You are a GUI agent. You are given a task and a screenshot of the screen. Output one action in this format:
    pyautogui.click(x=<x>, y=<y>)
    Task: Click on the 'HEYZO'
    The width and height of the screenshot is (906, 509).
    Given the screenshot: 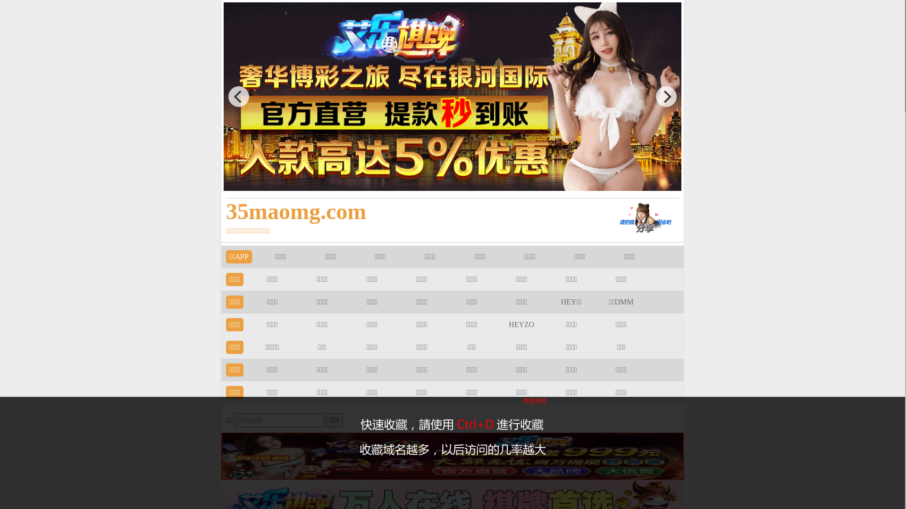 What is the action you would take?
    pyautogui.click(x=520, y=324)
    